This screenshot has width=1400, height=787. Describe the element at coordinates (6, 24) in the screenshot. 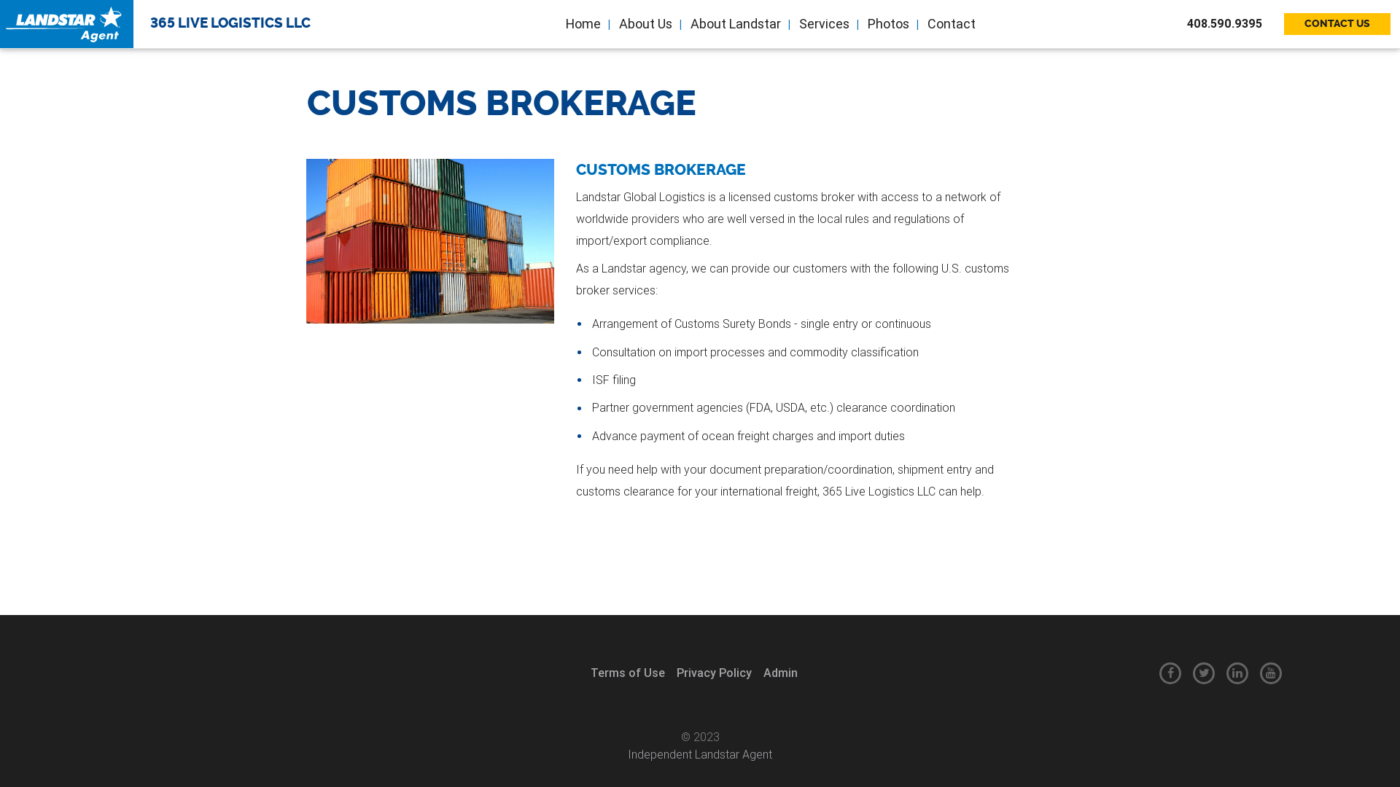

I see `'Logo'` at that location.